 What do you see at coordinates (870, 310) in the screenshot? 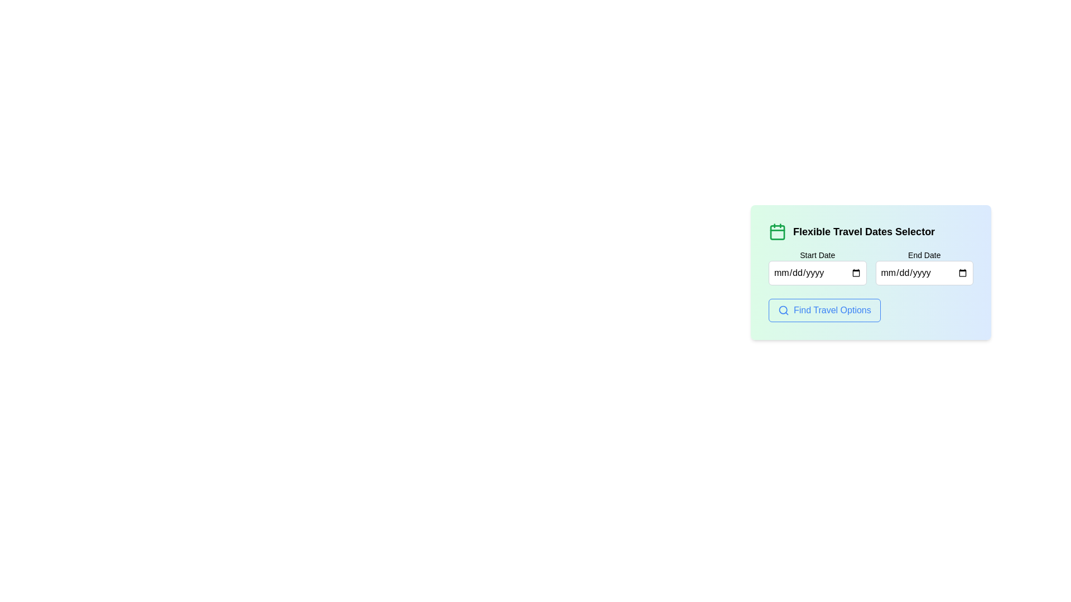
I see `the call-to-action button labeled for searching travel options, located below the 'Start Date' and 'End Date' input fields` at bounding box center [870, 310].